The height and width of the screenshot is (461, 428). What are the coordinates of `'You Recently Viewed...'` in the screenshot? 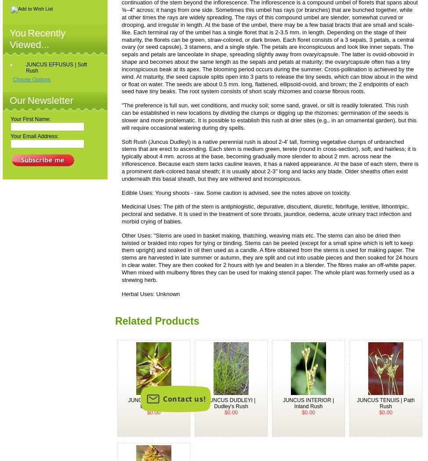 It's located at (37, 38).